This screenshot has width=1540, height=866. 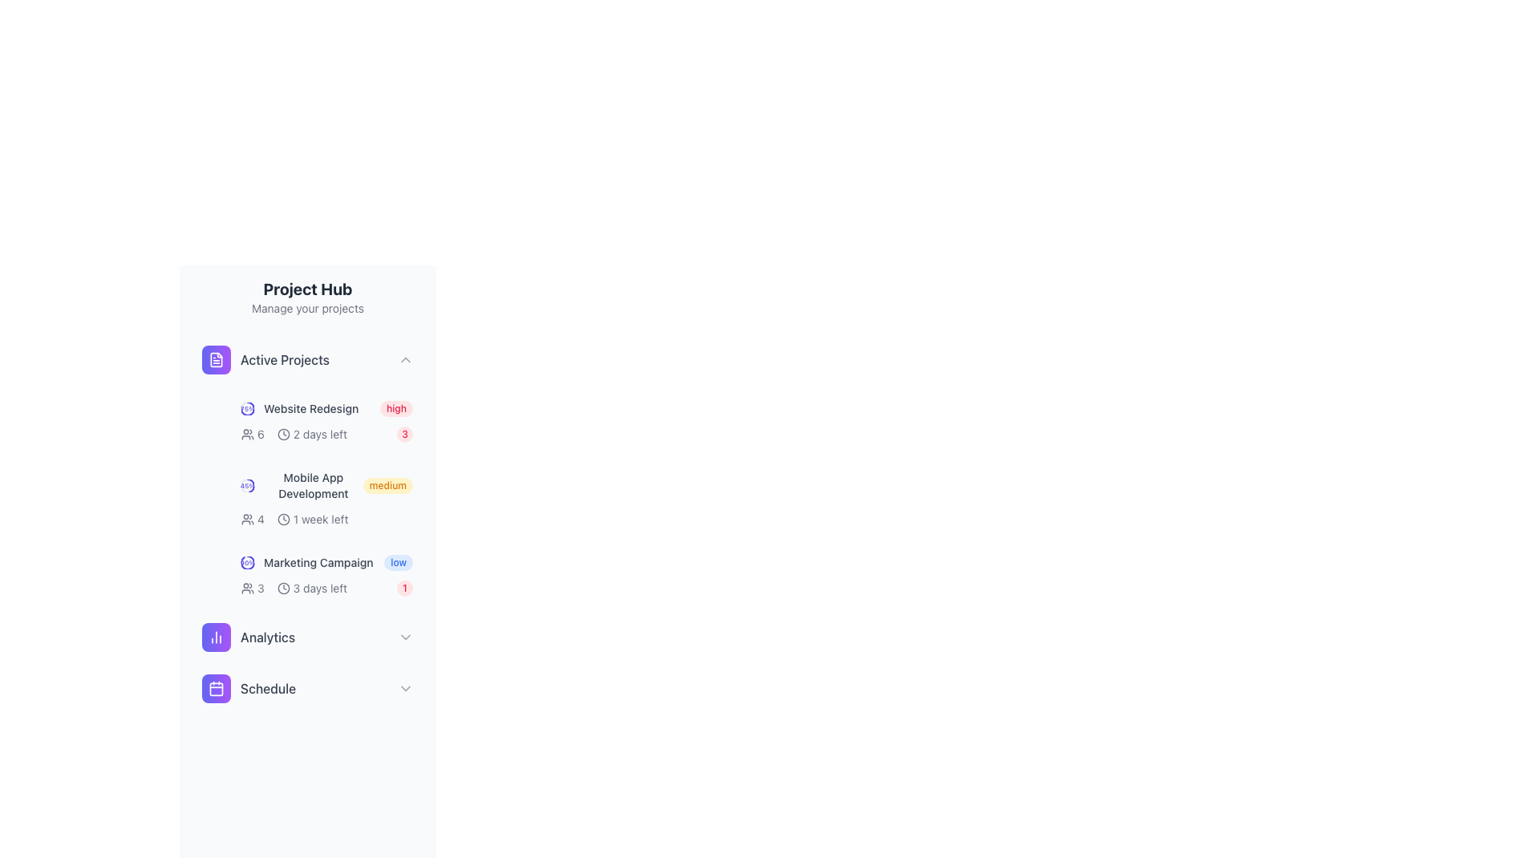 I want to click on the icon representing a group of people or users, which is a gray outline illustration of two human figures, located under the 'Mobile App Development' heading in the second row of the Active Projects section, so click(x=246, y=435).